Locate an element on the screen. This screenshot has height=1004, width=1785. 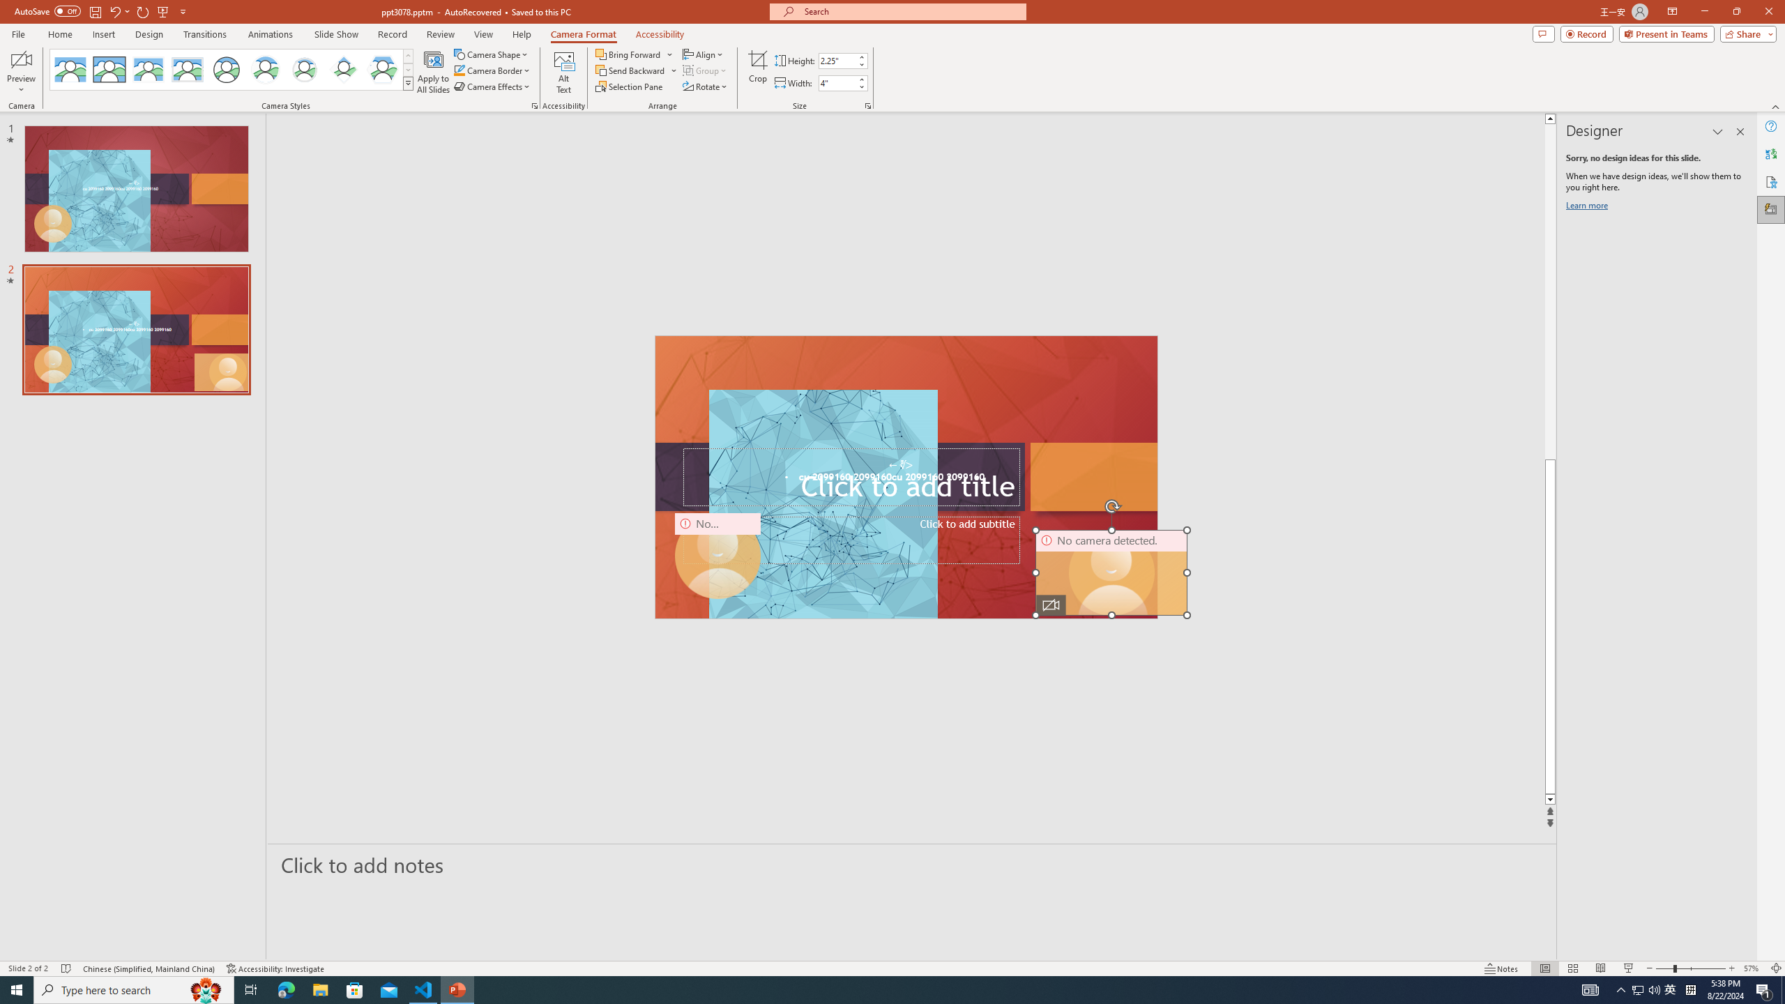
'Center Shadow Hexagon' is located at coordinates (383, 69).